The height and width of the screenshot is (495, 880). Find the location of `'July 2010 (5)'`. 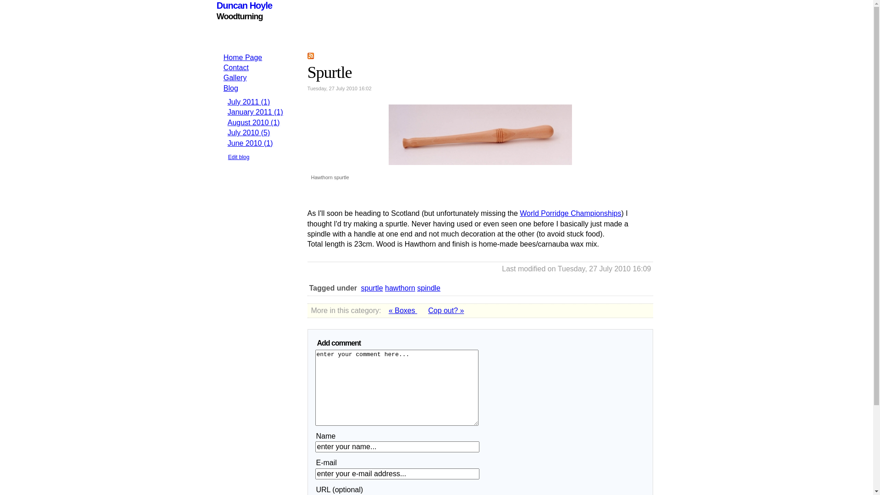

'July 2010 (5)' is located at coordinates (227, 132).